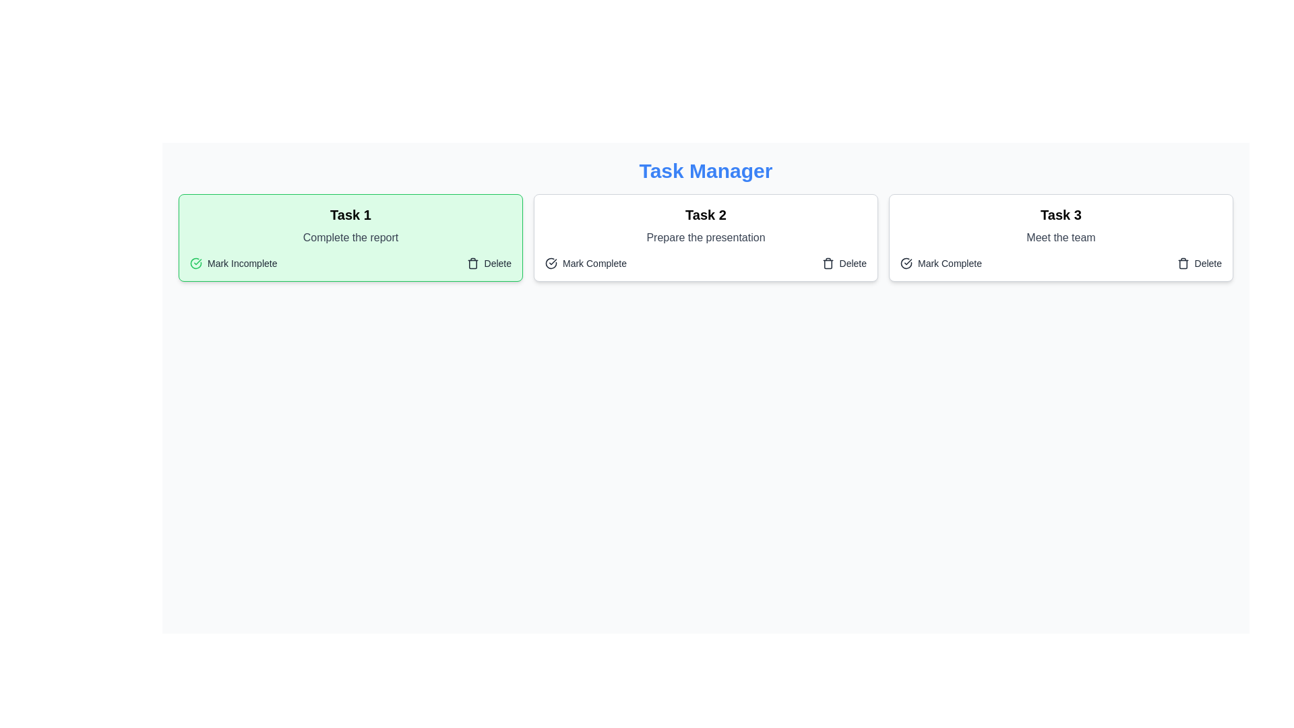 Image resolution: width=1294 pixels, height=728 pixels. Describe the element at coordinates (1182, 264) in the screenshot. I see `the trash-bin icon button in the third task card` at that location.